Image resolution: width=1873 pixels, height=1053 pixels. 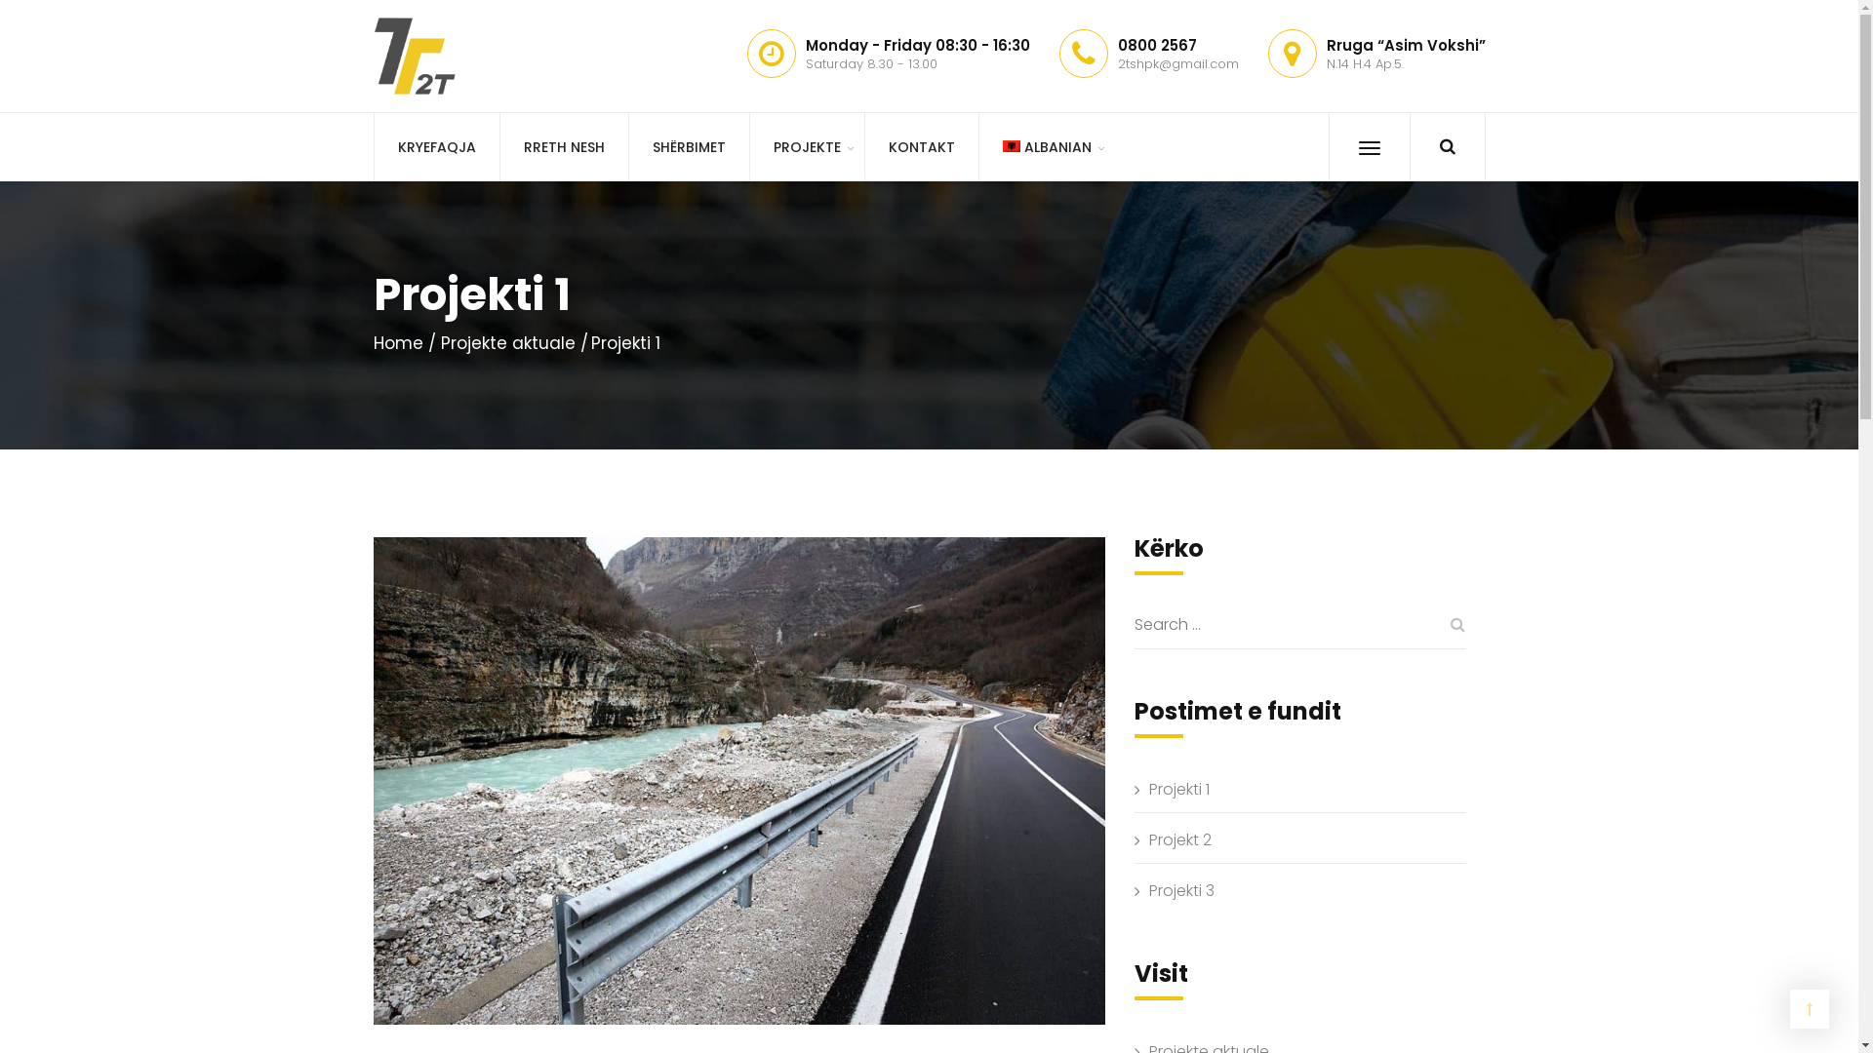 What do you see at coordinates (1148, 891) in the screenshot?
I see `'Projekti 3'` at bounding box center [1148, 891].